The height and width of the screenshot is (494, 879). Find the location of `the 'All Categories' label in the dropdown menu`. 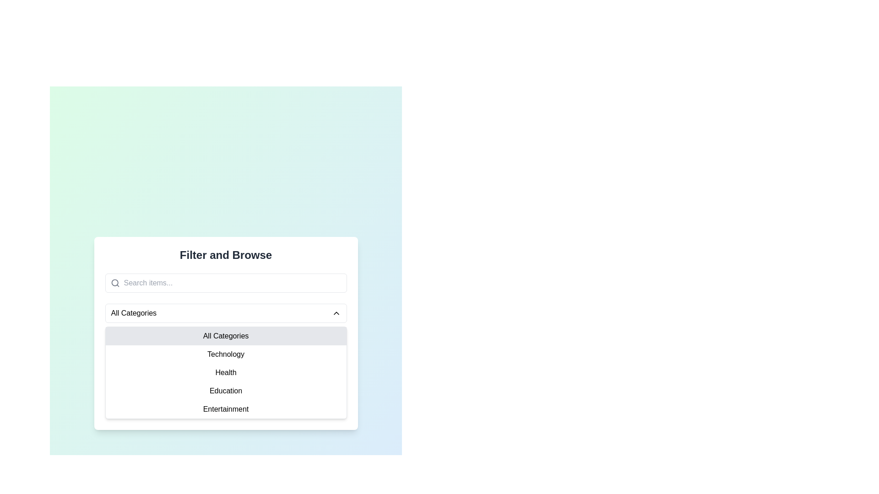

the 'All Categories' label in the dropdown menu is located at coordinates (133, 313).